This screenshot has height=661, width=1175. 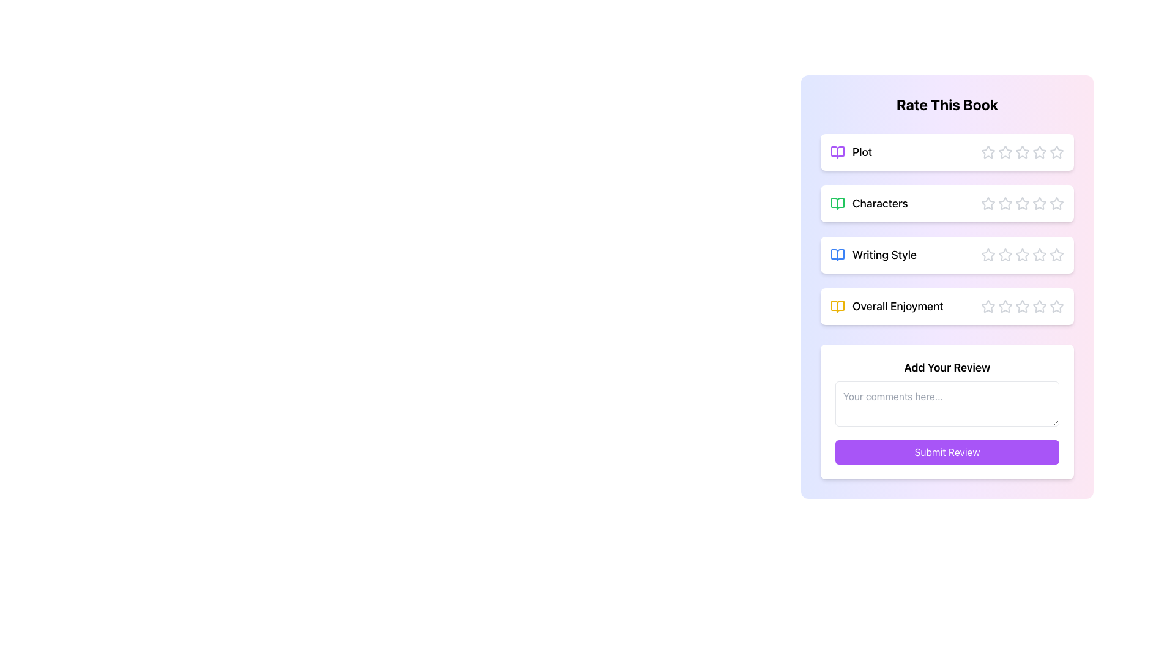 What do you see at coordinates (987, 151) in the screenshot?
I see `the first star icon to provide a rating for the 'Plot' category under the 'Rate This Book' heading` at bounding box center [987, 151].